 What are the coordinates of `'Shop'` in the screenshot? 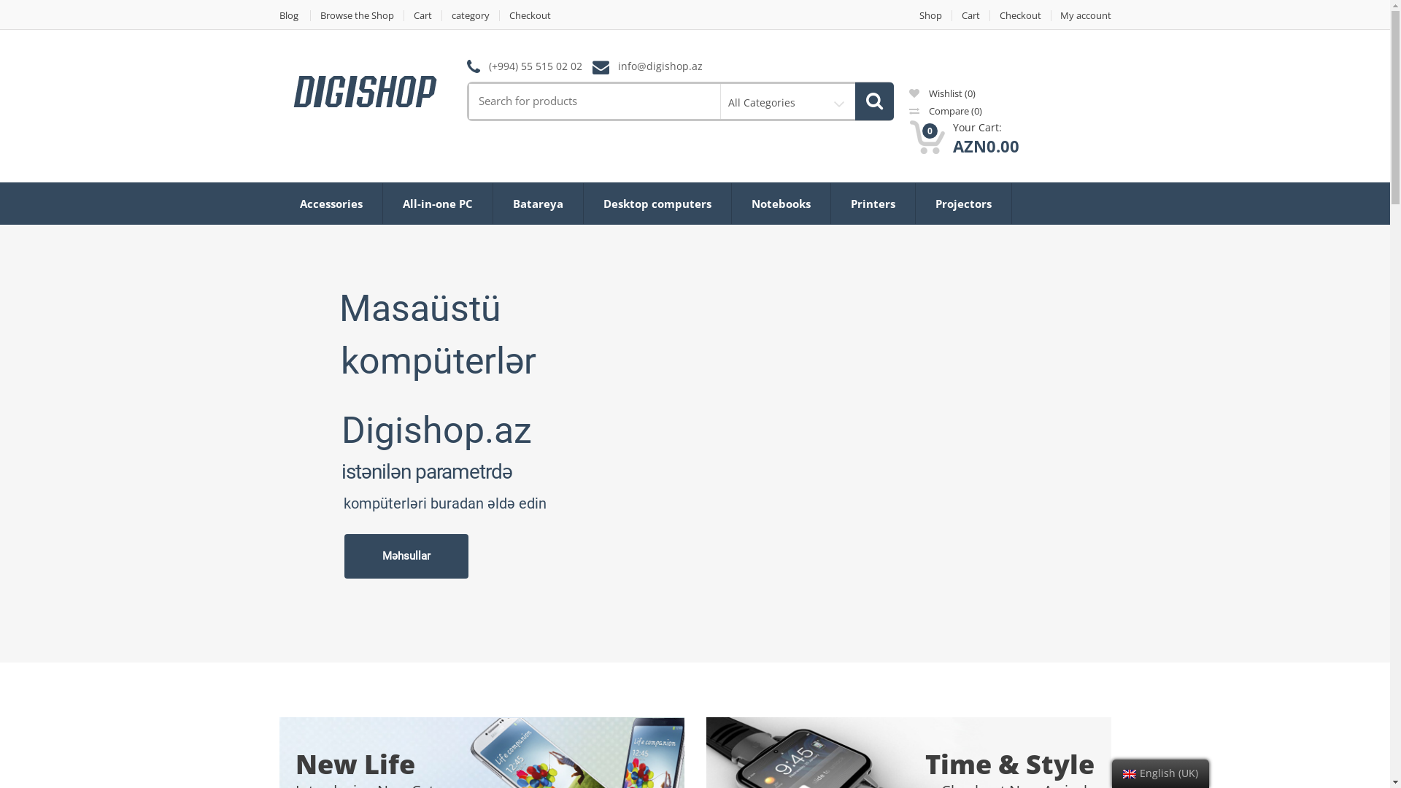 It's located at (930, 15).